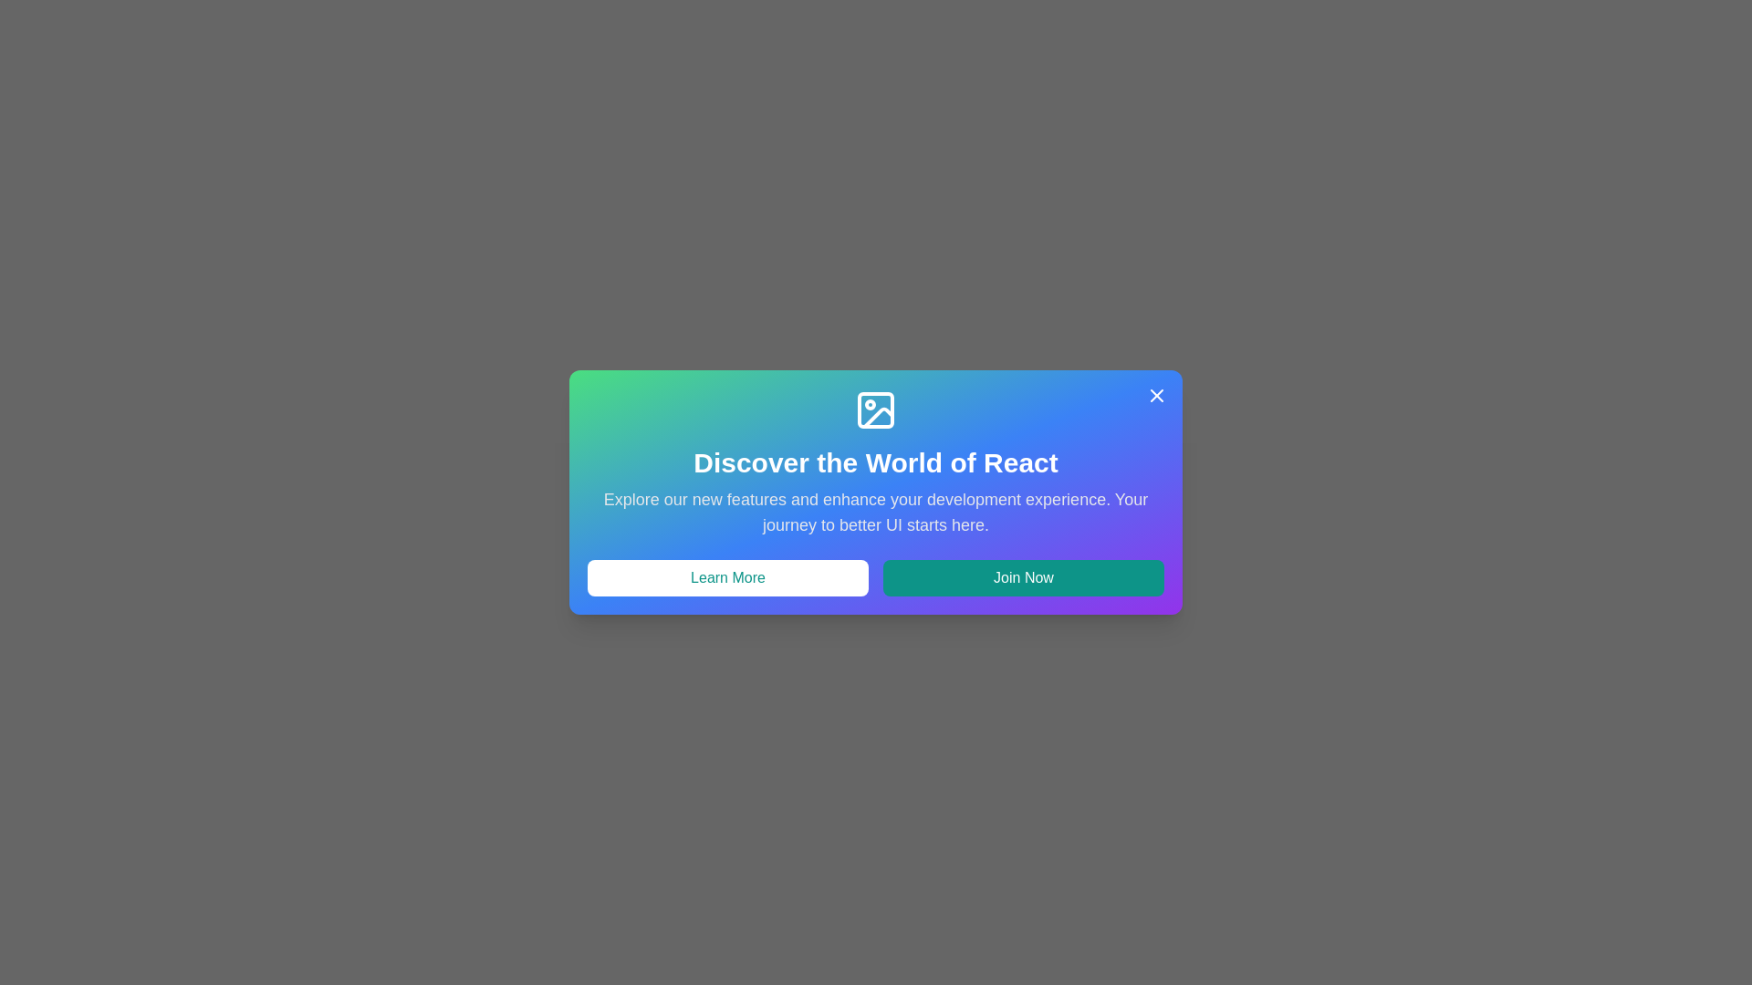 The image size is (1752, 985). Describe the element at coordinates (876, 493) in the screenshot. I see `the dialog area to focus on the text content` at that location.